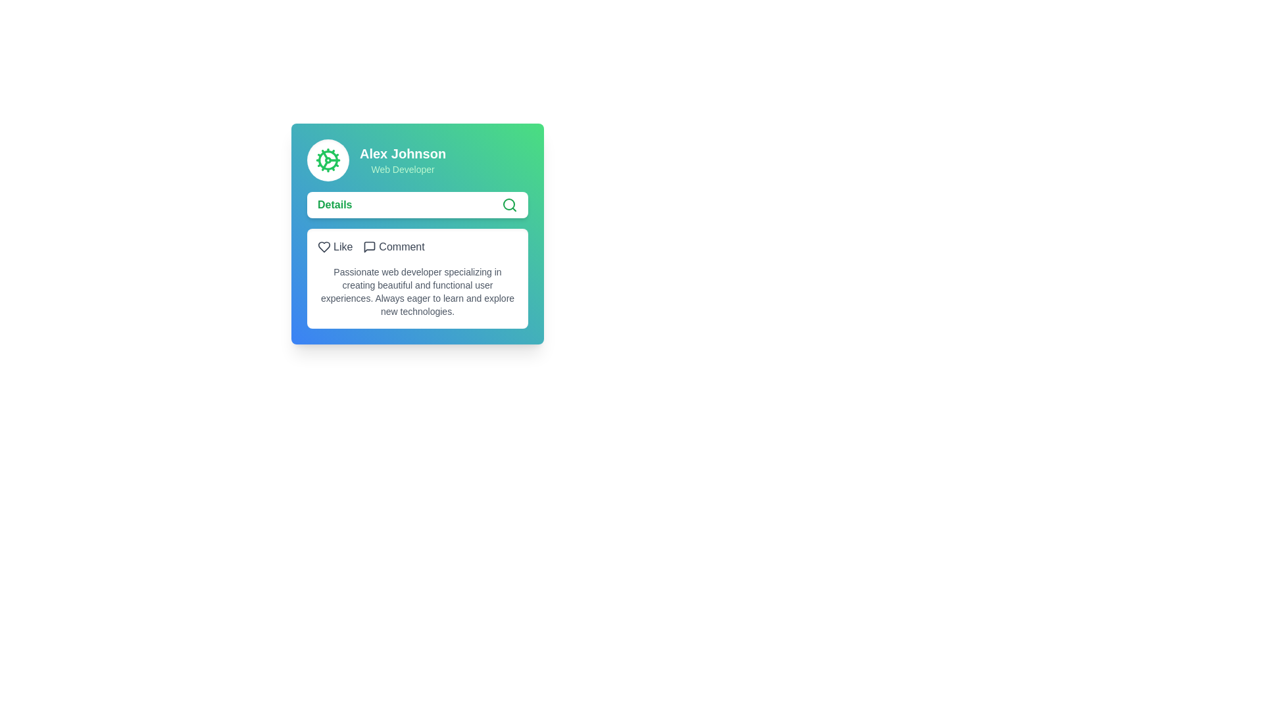 The width and height of the screenshot is (1263, 710). Describe the element at coordinates (508, 205) in the screenshot. I see `the search trigger icon located on the right side of the 'Details' text section within a prominent white bar of a card with a green-to-blue gradient background` at that location.